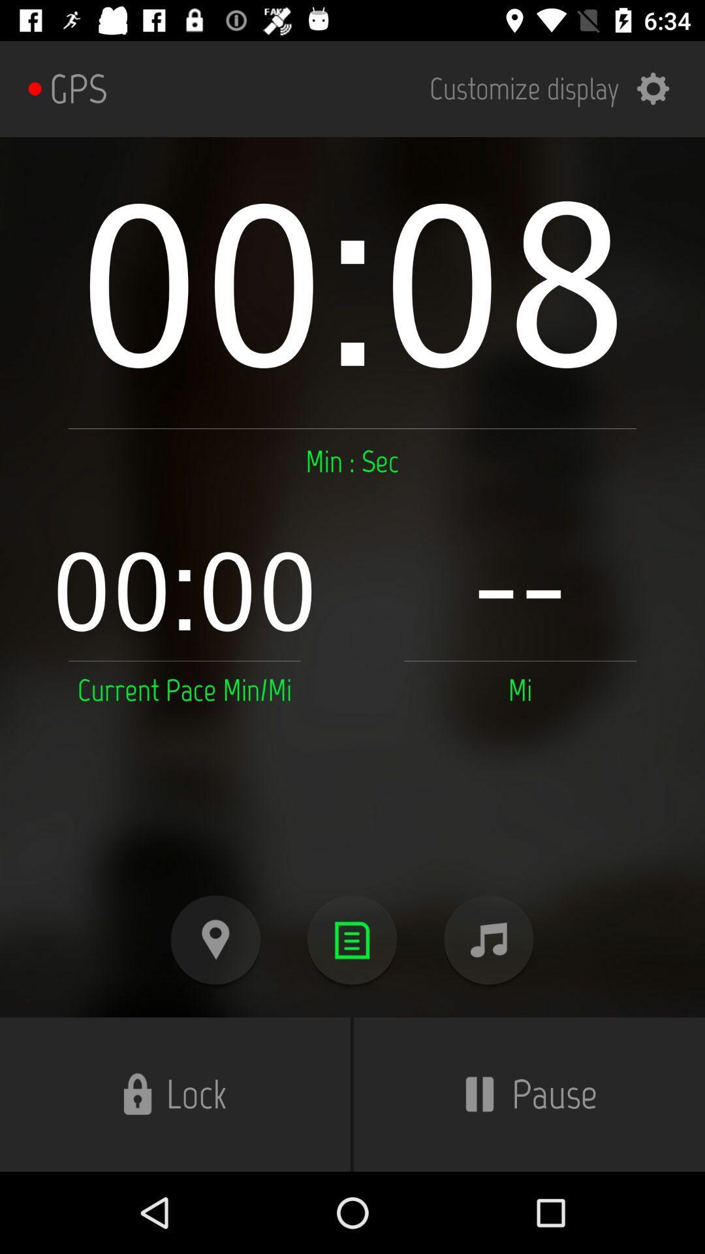 The width and height of the screenshot is (705, 1254). What do you see at coordinates (529, 1094) in the screenshot?
I see `pause` at bounding box center [529, 1094].